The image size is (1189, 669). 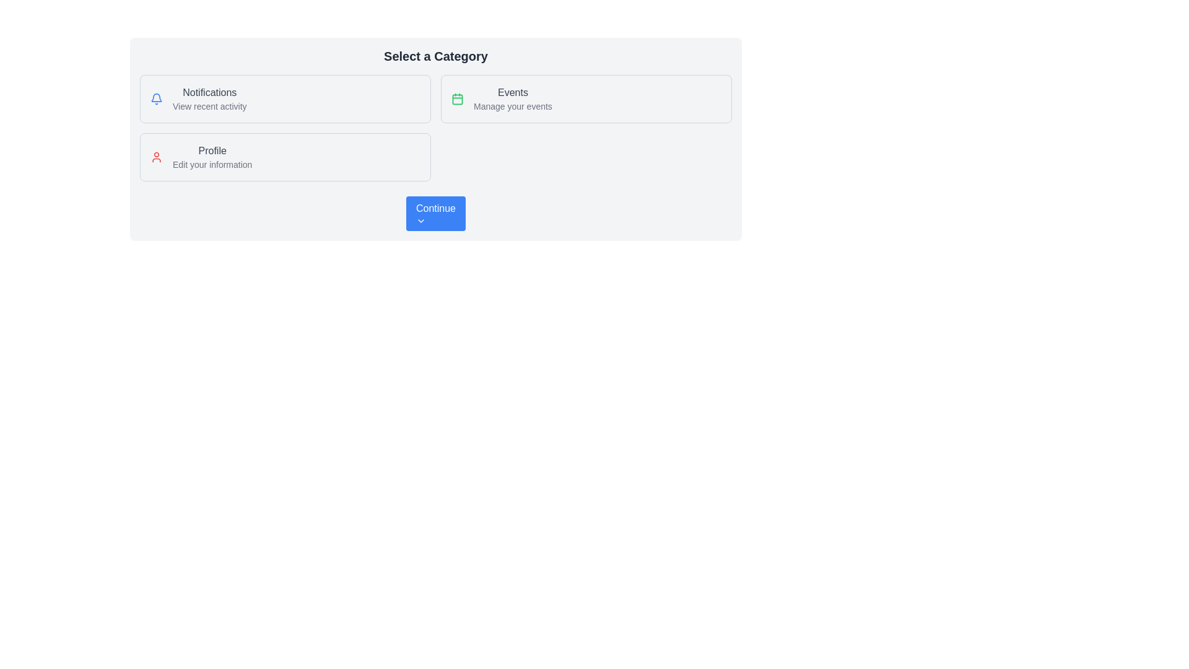 I want to click on the static text label displaying 'Events', which is bold and gray, located in the event management section of the UI, so click(x=513, y=92).